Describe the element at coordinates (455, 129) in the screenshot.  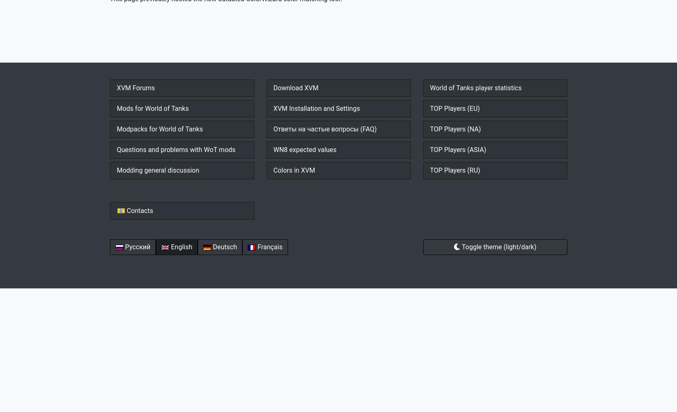
I see `'TOP Players (NA)'` at that location.